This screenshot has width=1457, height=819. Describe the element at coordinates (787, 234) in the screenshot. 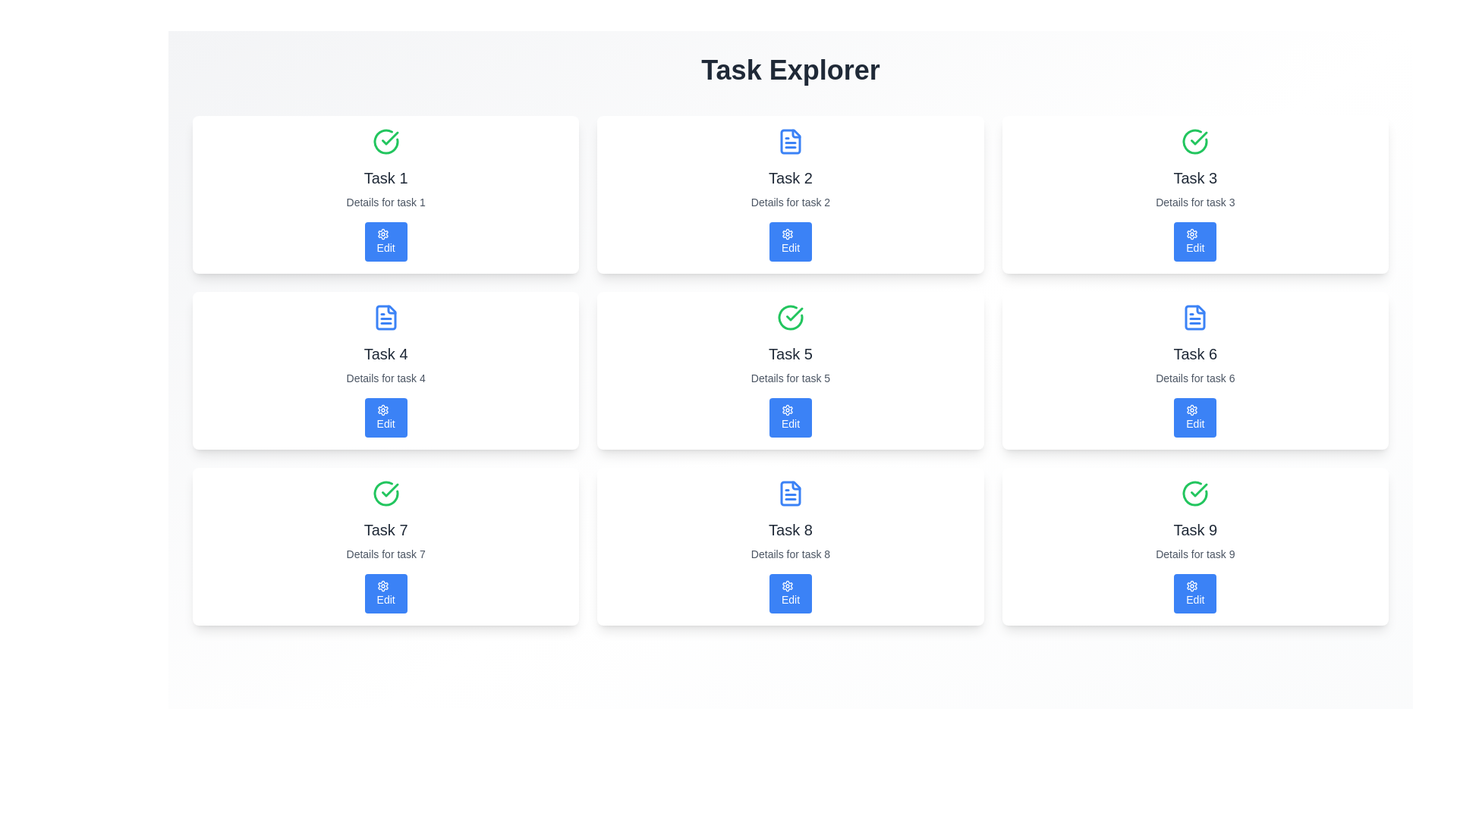

I see `the decorative icon within the 'Edit' button of the second card corresponding to 'Task 2' in the grid layout` at that location.